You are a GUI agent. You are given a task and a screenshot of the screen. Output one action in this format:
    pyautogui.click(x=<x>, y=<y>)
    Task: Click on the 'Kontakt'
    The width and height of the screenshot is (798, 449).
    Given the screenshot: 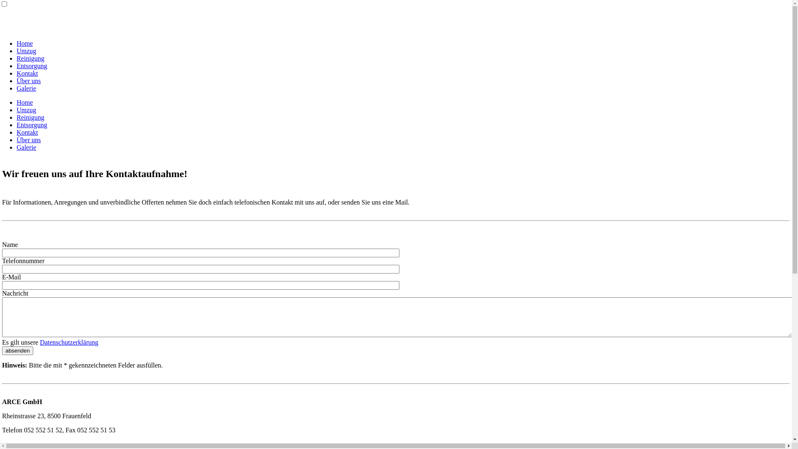 What is the action you would take?
    pyautogui.click(x=27, y=132)
    